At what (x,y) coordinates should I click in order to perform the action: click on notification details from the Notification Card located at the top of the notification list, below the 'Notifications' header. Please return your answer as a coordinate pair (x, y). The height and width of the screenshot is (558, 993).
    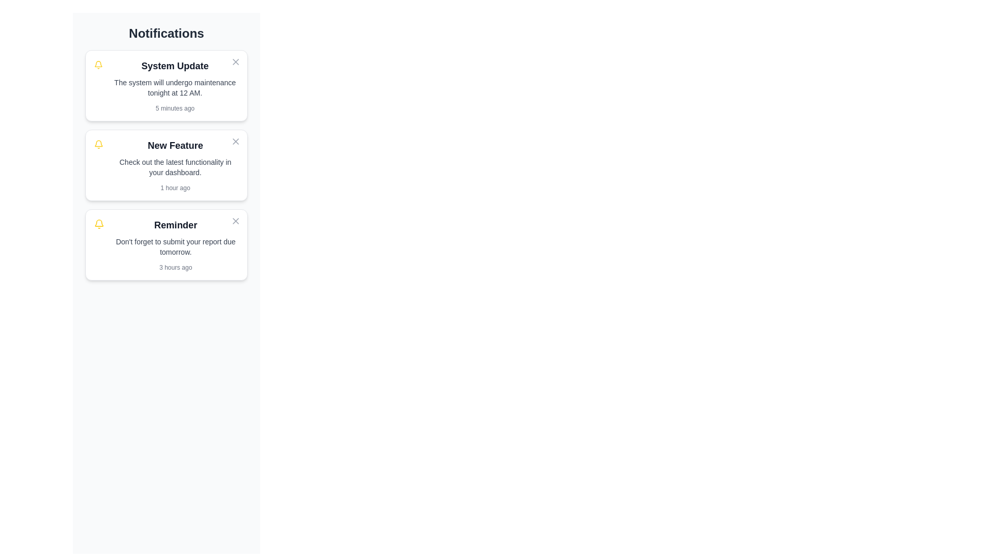
    Looking at the image, I should click on (175, 85).